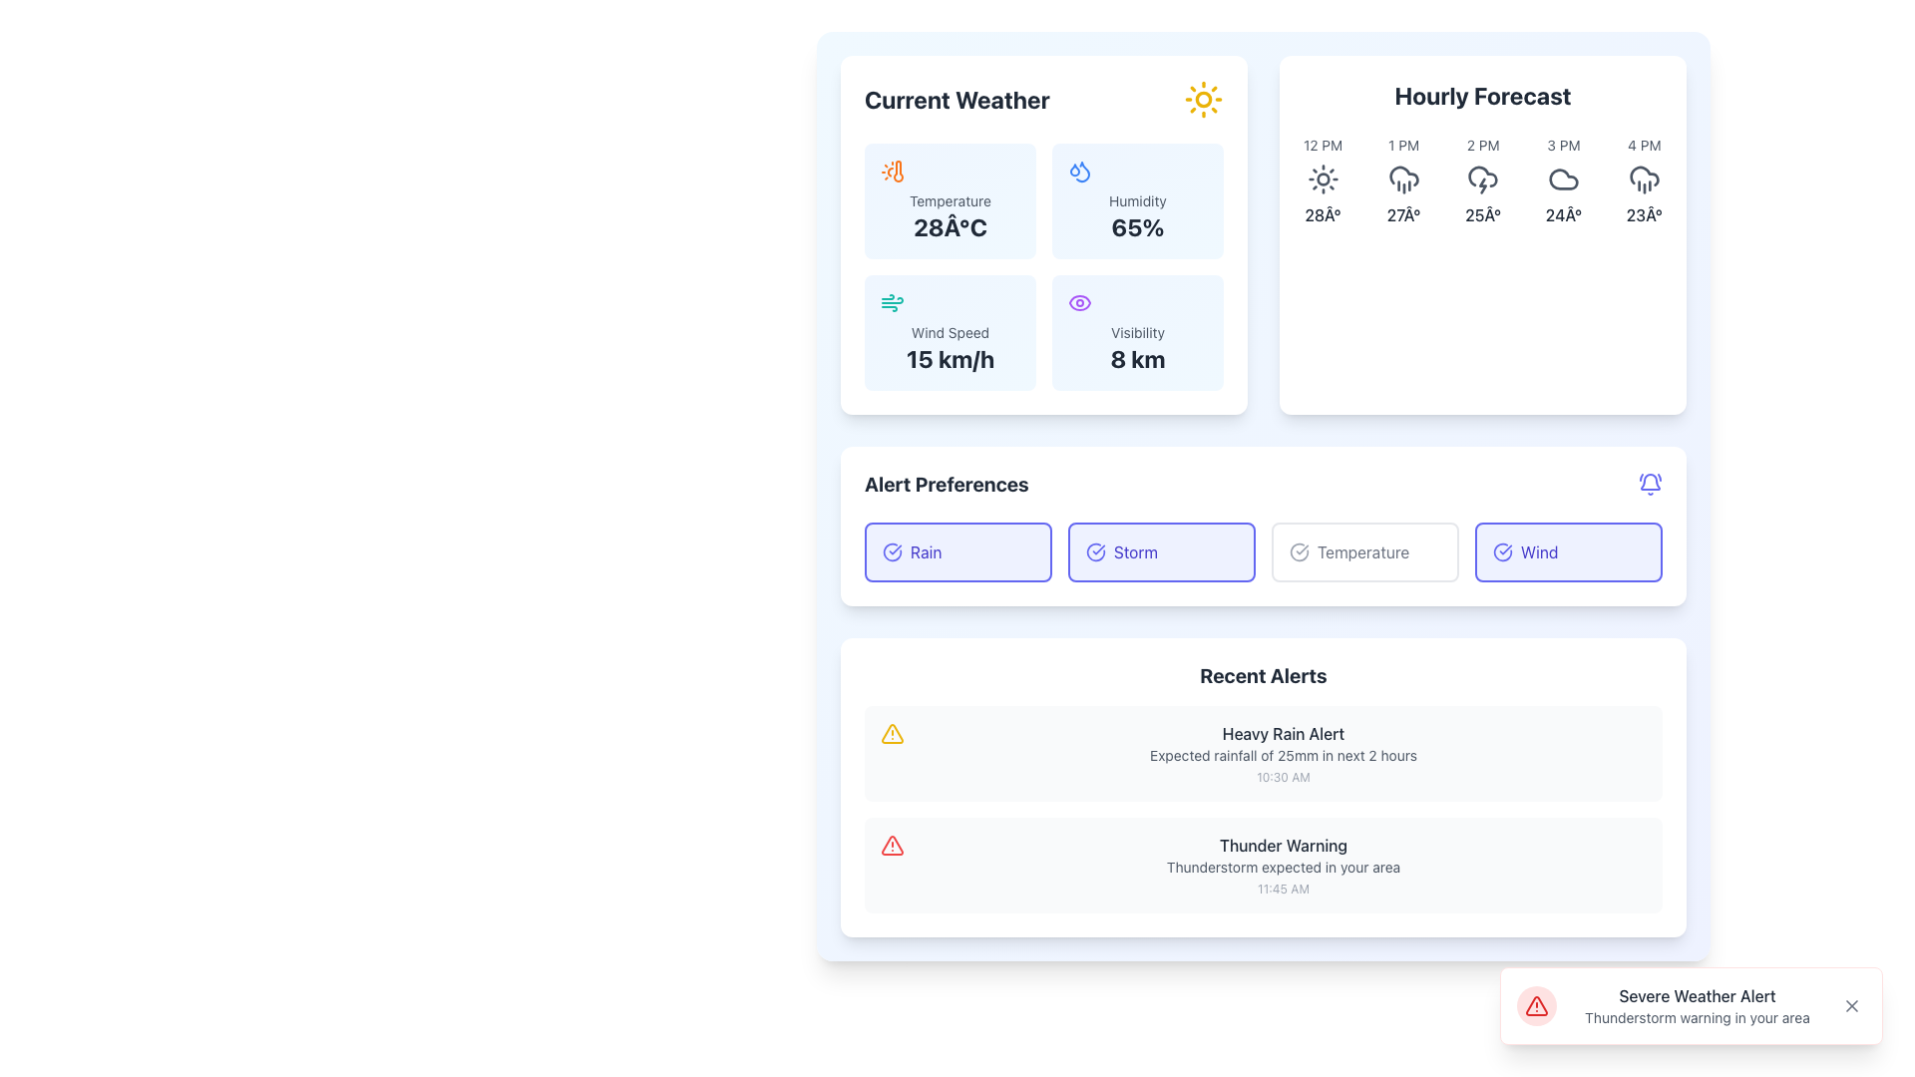 This screenshot has height=1077, width=1915. I want to click on the 'Current Weather' text label, which is a bold and large-sized dark gray text displayed at the top-left of its containing block, serving as a heading for the weather data section, so click(956, 100).